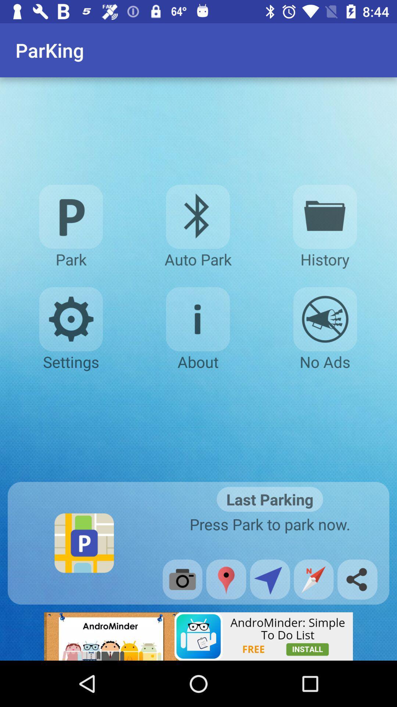 This screenshot has width=397, height=707. Describe the element at coordinates (226, 579) in the screenshot. I see `location` at that location.